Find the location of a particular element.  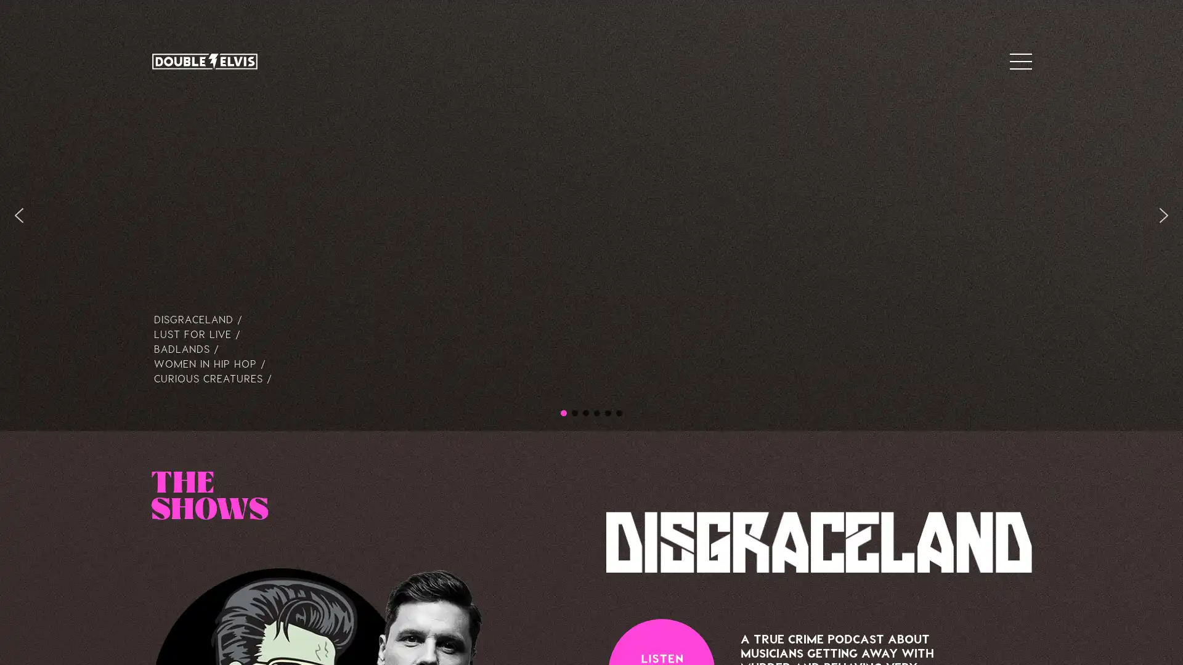

next arrow is located at coordinates (1163, 215).